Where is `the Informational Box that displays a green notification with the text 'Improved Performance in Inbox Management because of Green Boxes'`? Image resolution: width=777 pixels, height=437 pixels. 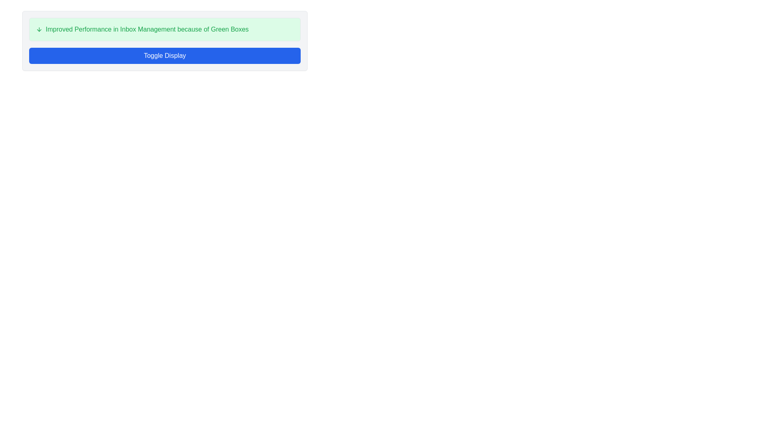
the Informational Box that displays a green notification with the text 'Improved Performance in Inbox Management because of Green Boxes' is located at coordinates (164, 29).